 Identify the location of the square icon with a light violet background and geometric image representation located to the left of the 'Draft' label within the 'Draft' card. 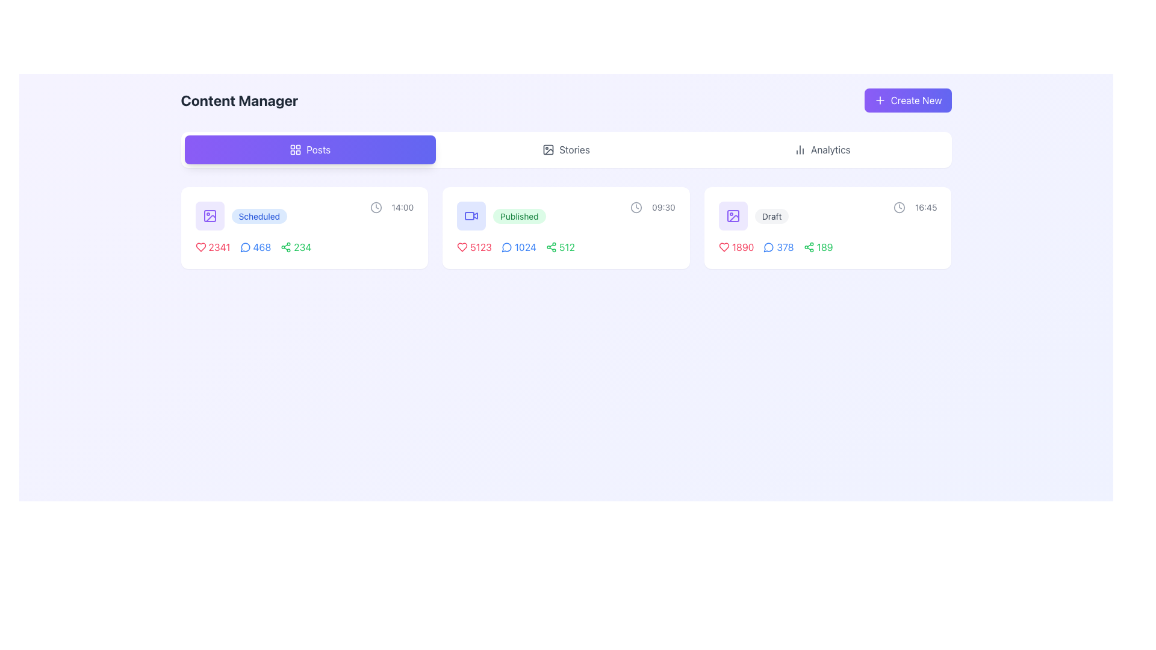
(732, 215).